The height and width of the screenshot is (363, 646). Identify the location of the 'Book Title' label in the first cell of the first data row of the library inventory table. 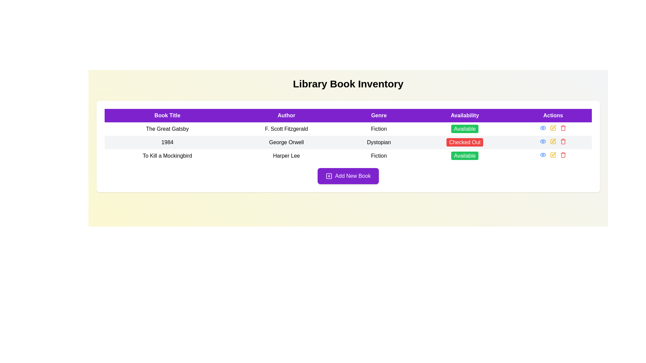
(167, 129).